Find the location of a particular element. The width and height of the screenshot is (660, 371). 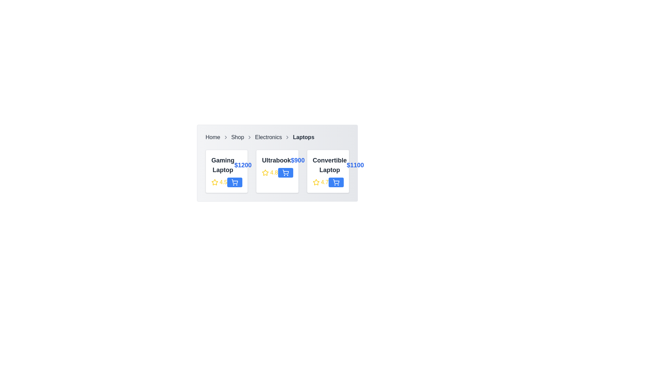

the 'Shop' hyperlink in the breadcrumb navigation bar is located at coordinates (238, 137).